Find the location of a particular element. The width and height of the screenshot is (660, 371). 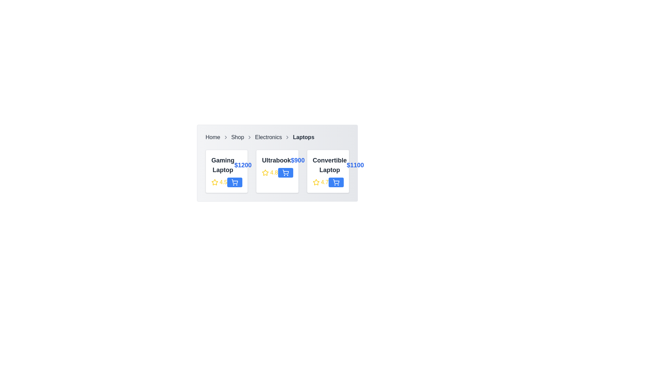

the 'Shop' hyperlink in the breadcrumb navigation bar is located at coordinates (238, 137).